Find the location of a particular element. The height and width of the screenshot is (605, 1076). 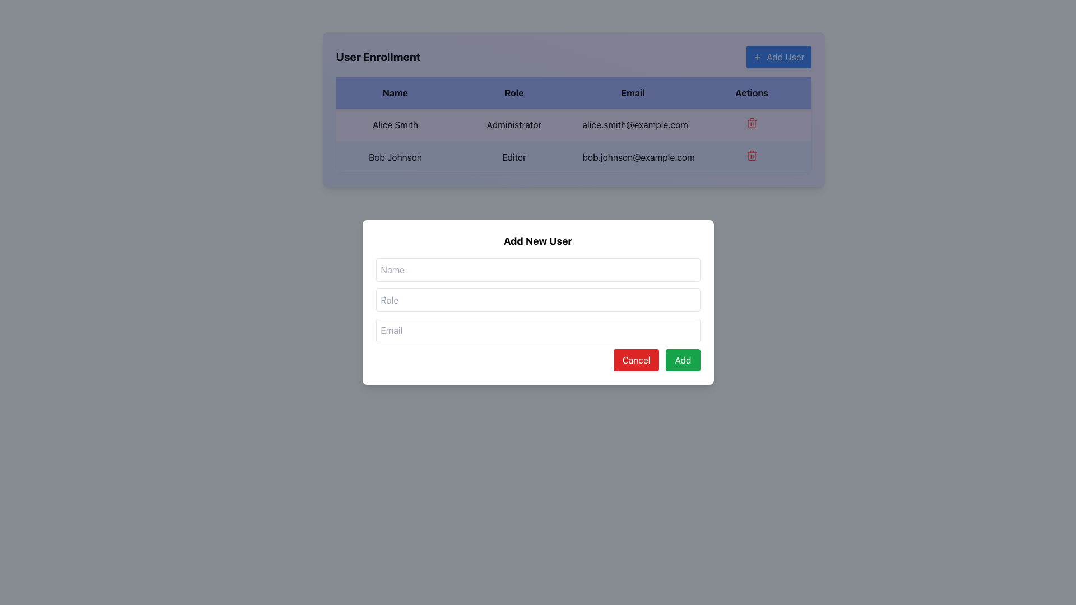

the text display element showing the name 'Alice Smith' in the table for interaction is located at coordinates (395, 125).